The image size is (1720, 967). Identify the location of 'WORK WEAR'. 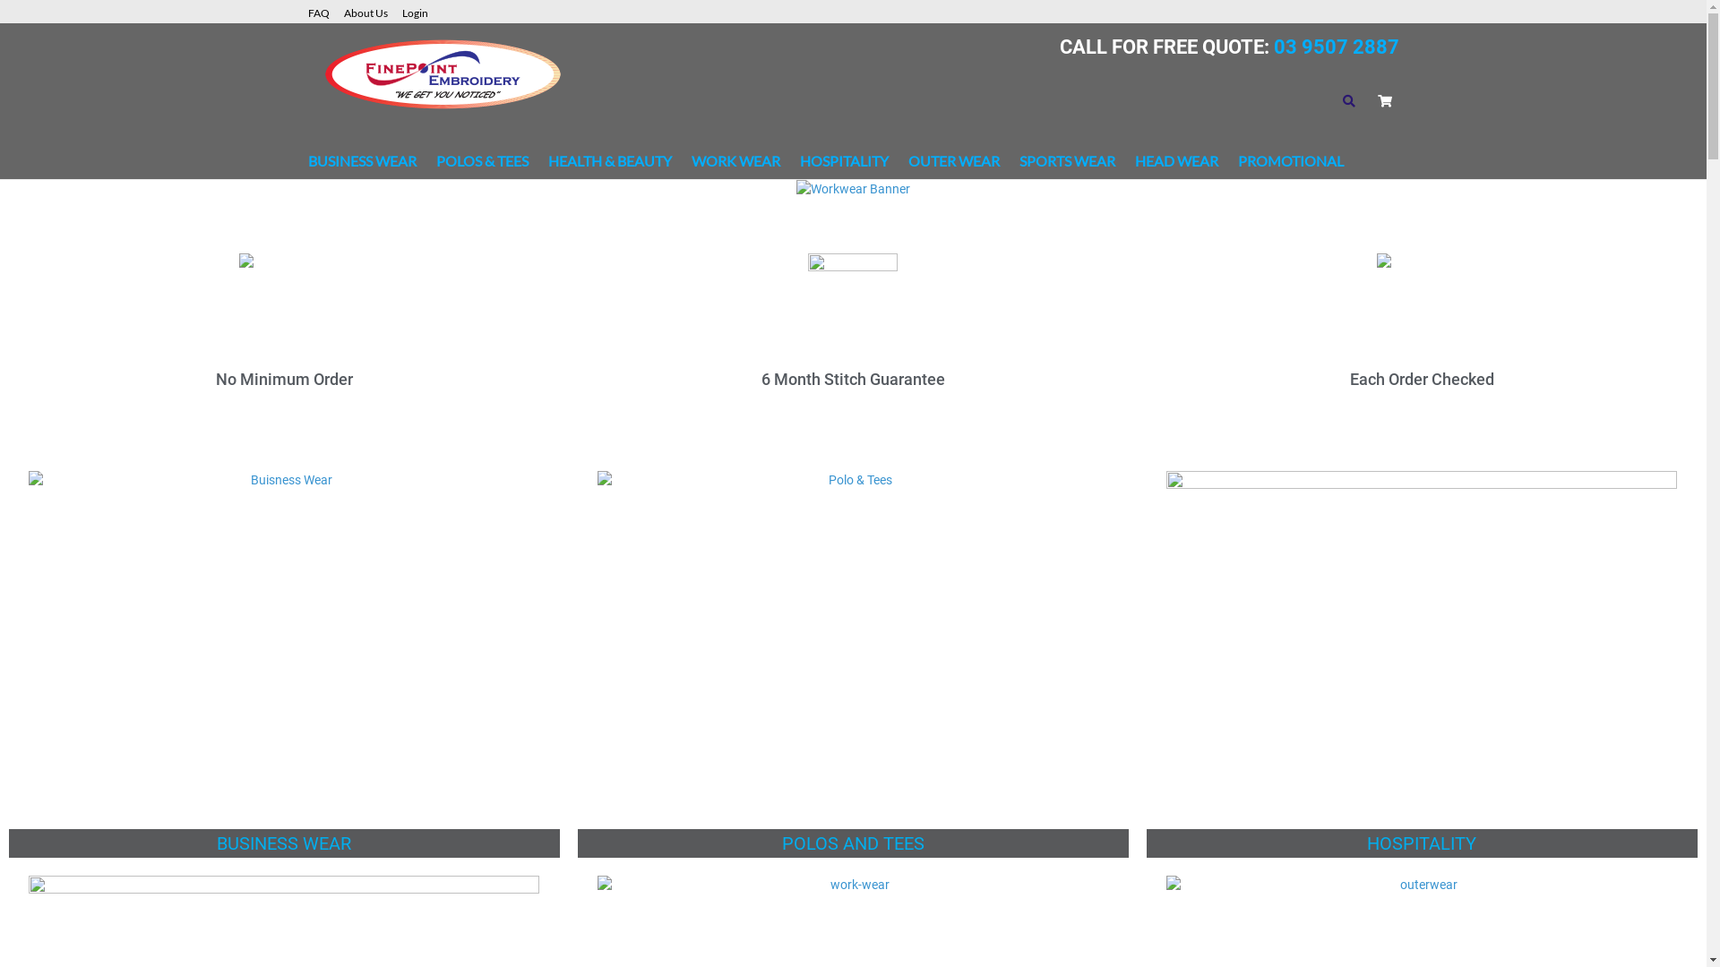
(735, 161).